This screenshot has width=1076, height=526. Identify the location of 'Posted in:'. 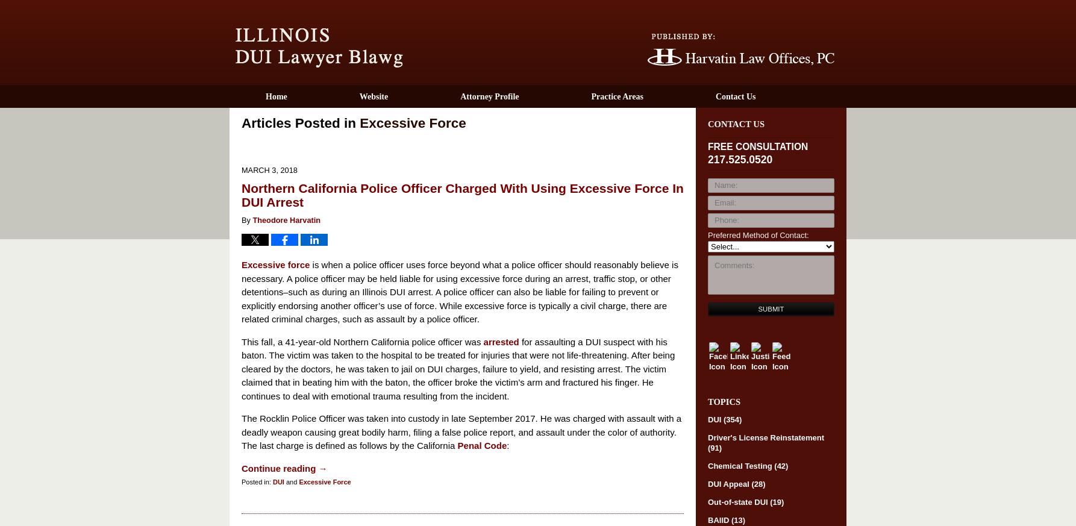
(256, 482).